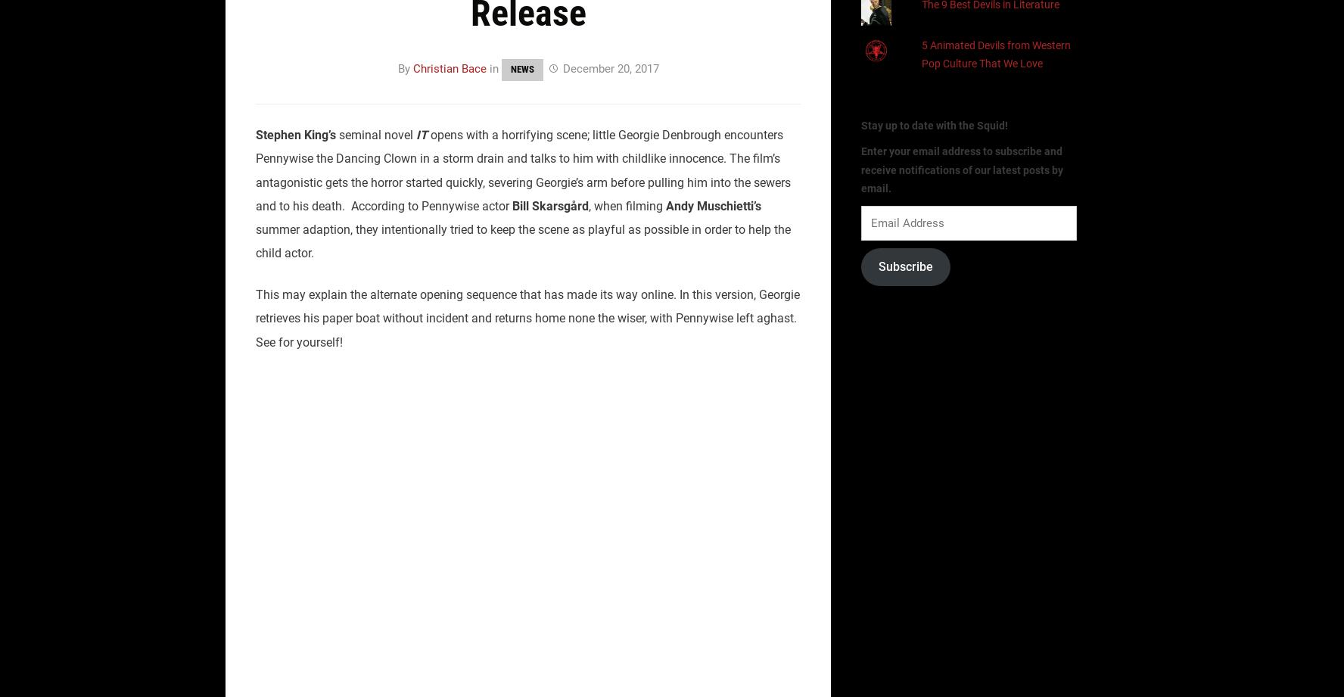 Image resolution: width=1344 pixels, height=697 pixels. What do you see at coordinates (422, 134) in the screenshot?
I see `'IT'` at bounding box center [422, 134].